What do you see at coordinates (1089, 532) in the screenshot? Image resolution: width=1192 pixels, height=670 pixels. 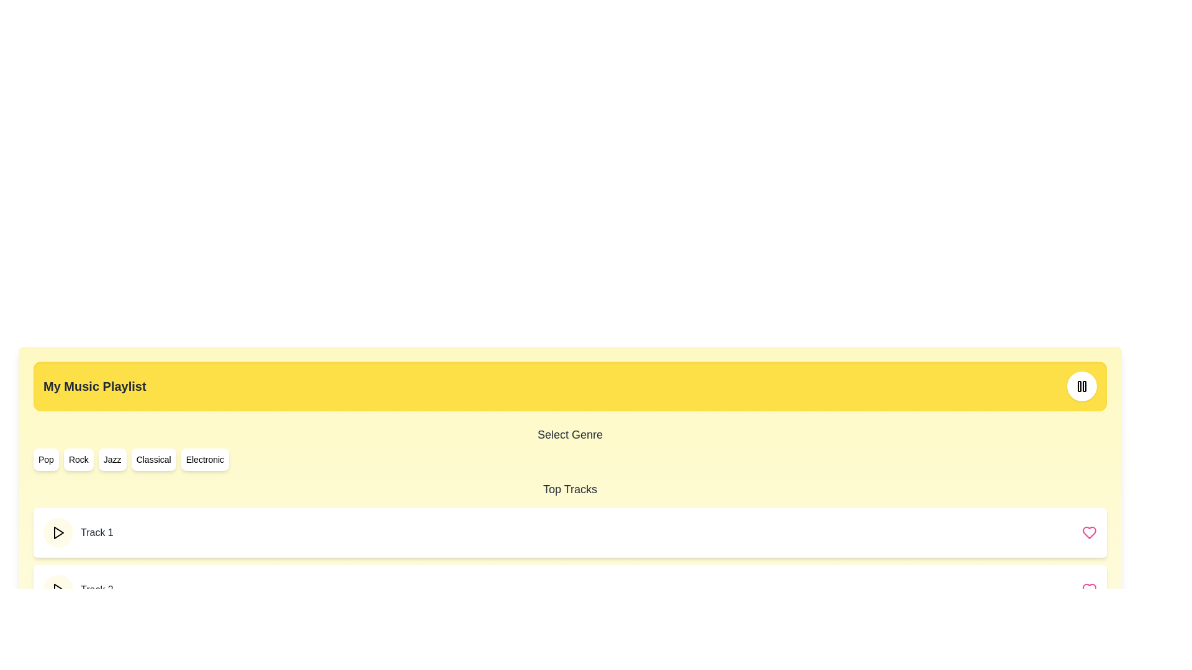 I see `the heart-shaped icon on the far right of the track card for 'Track 1' in the 'Top Tracks' section to mark the item as a favorite` at bounding box center [1089, 532].